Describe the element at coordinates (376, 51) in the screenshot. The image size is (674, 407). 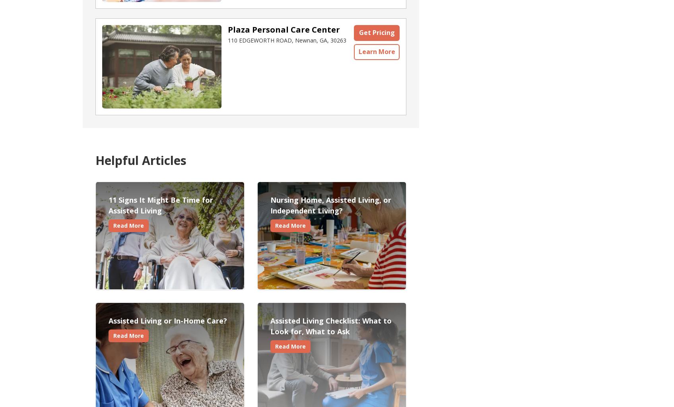
I see `'Learn More'` at that location.